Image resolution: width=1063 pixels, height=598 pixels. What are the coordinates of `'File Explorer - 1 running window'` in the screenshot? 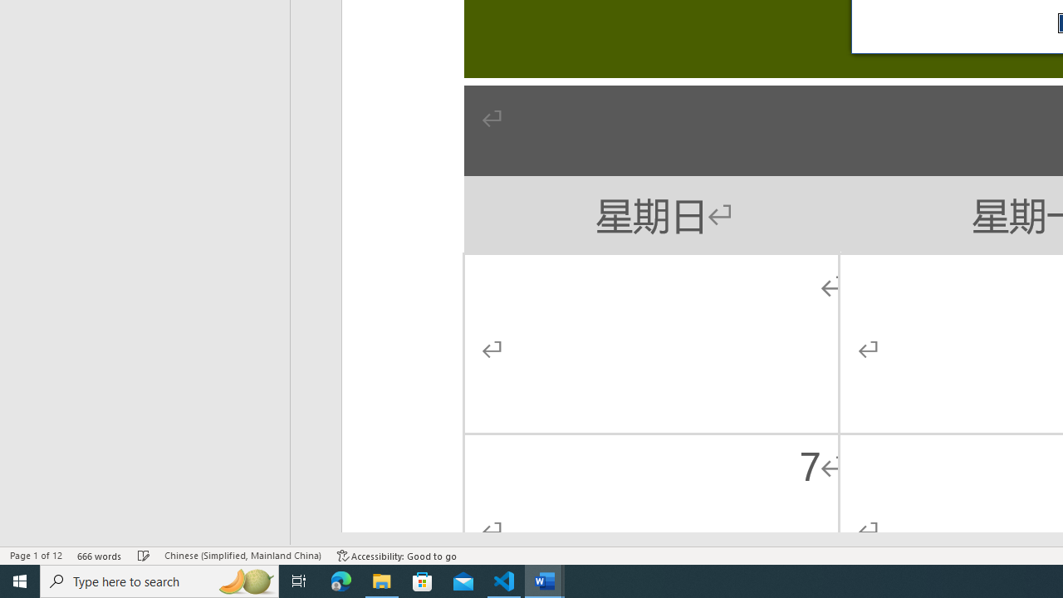 It's located at (381, 580).